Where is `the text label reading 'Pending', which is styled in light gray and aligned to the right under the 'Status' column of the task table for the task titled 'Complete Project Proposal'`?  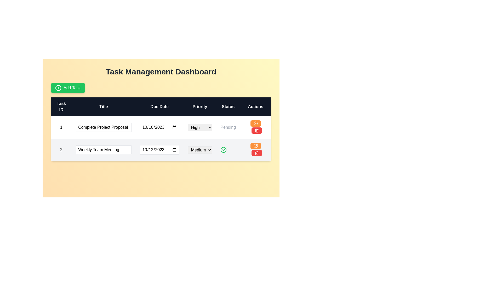 the text label reading 'Pending', which is styled in light gray and aligned to the right under the 'Status' column of the task table for the task titled 'Complete Project Proposal' is located at coordinates (228, 127).